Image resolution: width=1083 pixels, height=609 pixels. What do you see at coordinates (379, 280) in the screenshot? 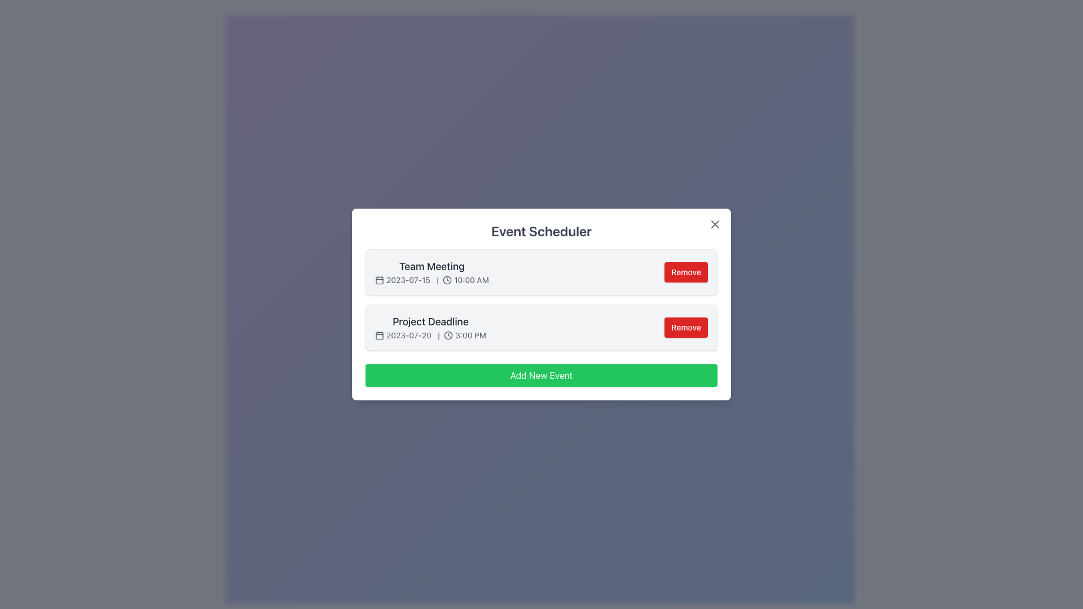
I see `the calendar icon represented by the SVG rectangle, which is located to the left of the date text in the 'Team Meeting' event row` at bounding box center [379, 280].